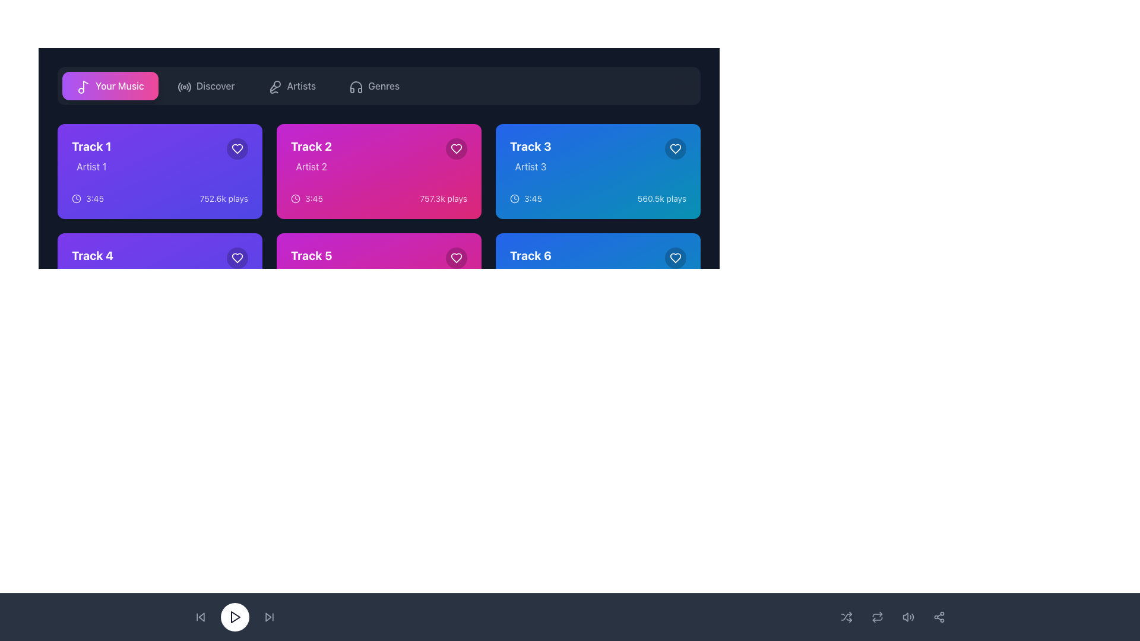 This screenshot has height=641, width=1140. What do you see at coordinates (455, 258) in the screenshot?
I see `the heart-shaped icon in the top-right corner of the card labeled 'Track 5' to mark it as favorite` at bounding box center [455, 258].